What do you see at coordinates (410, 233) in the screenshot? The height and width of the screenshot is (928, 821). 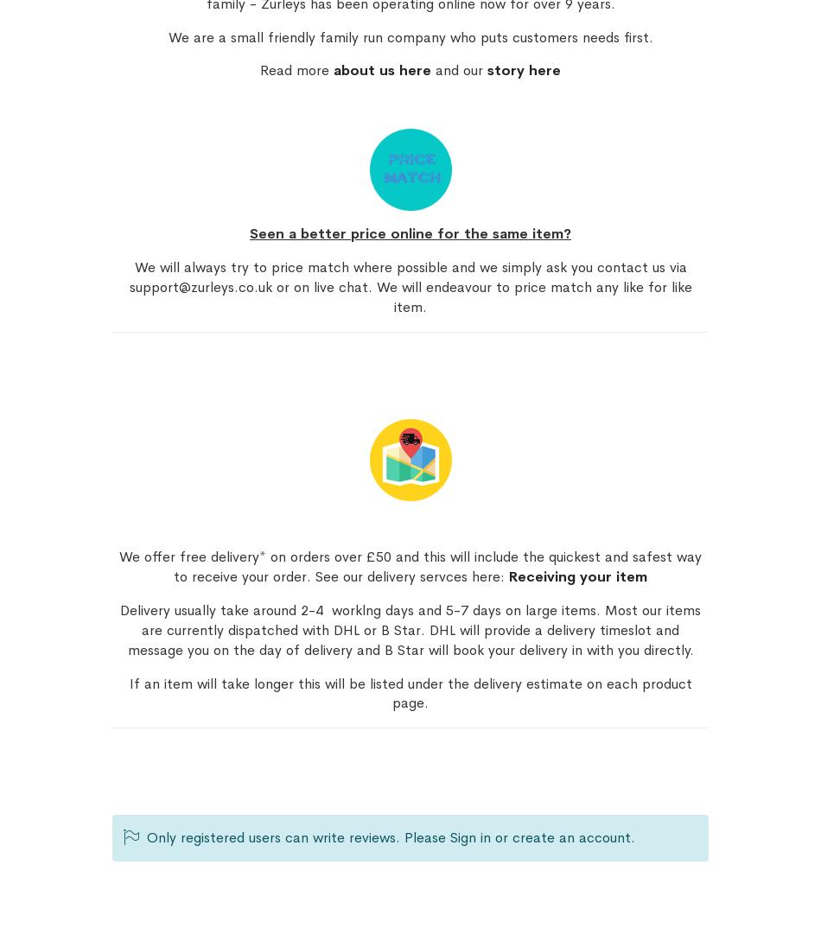 I see `'Seen a better price online for the same item?'` at bounding box center [410, 233].